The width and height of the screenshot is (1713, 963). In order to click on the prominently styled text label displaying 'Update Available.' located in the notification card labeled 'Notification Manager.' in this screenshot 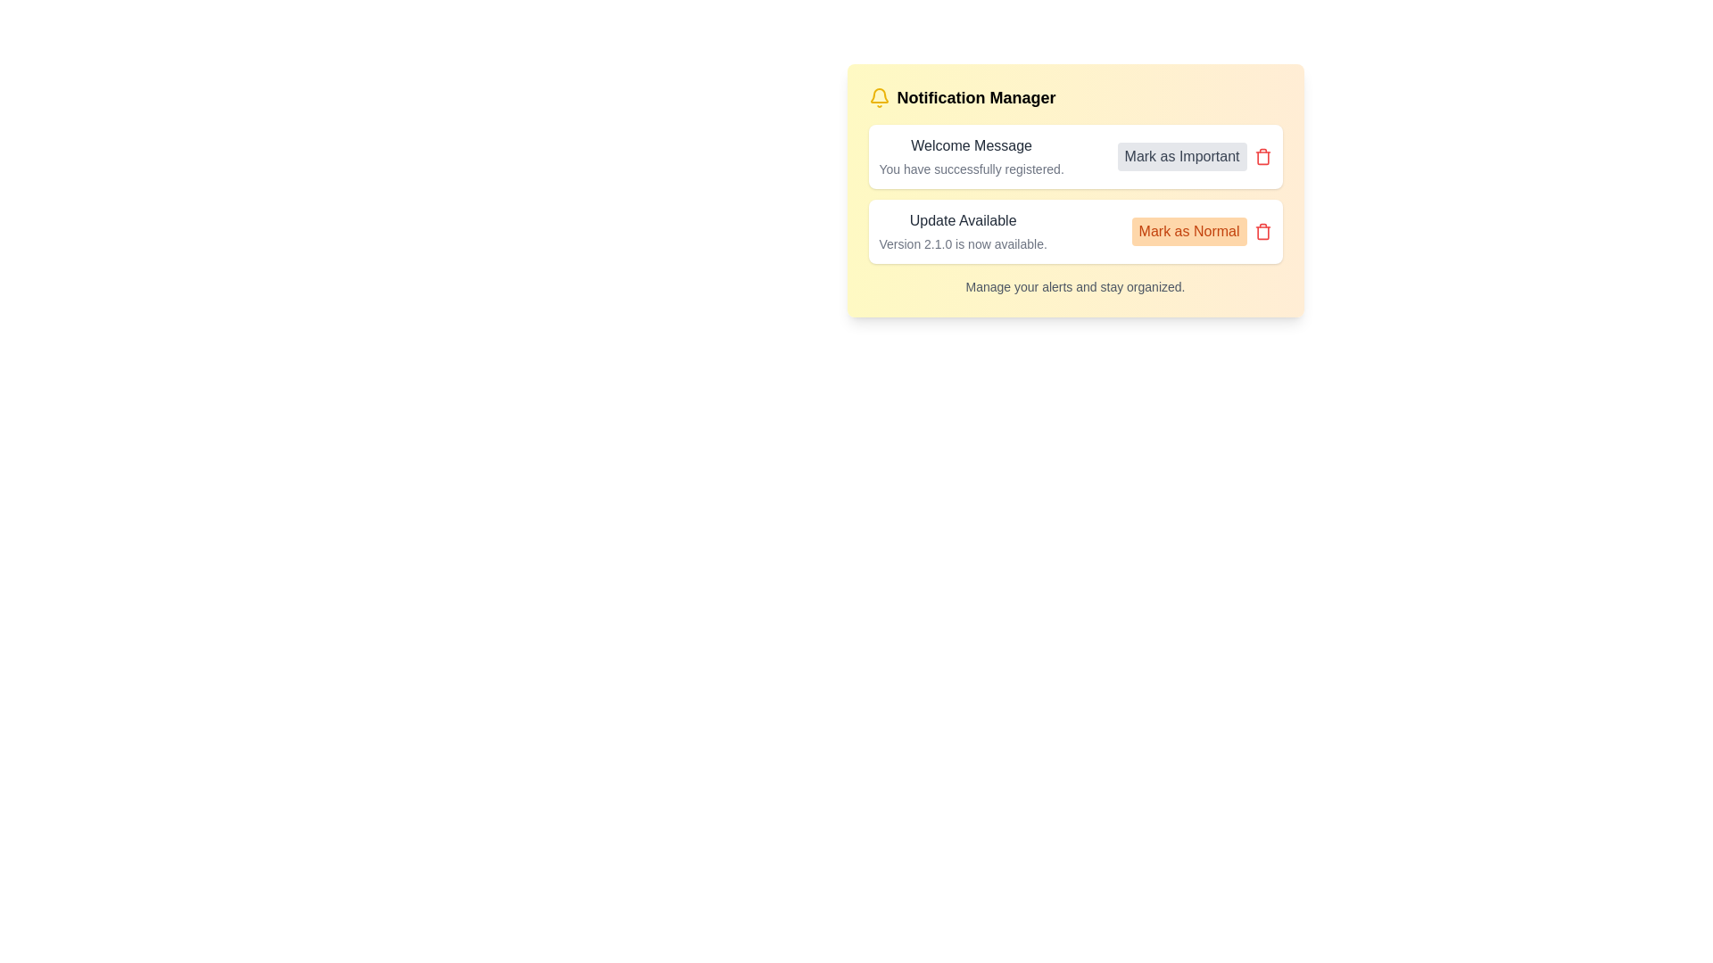, I will do `click(962, 219)`.